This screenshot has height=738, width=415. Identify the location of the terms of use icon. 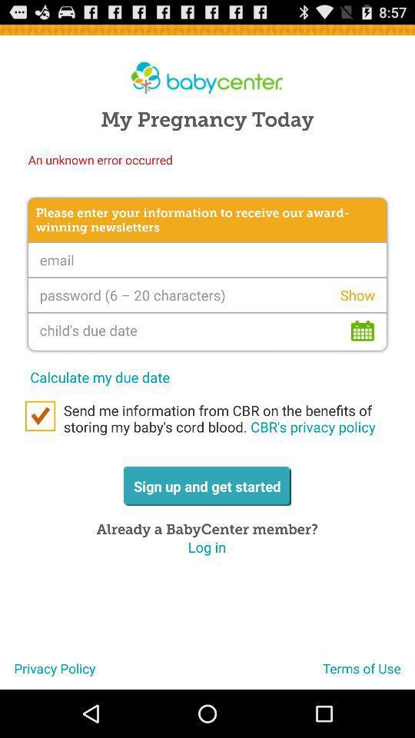
(368, 673).